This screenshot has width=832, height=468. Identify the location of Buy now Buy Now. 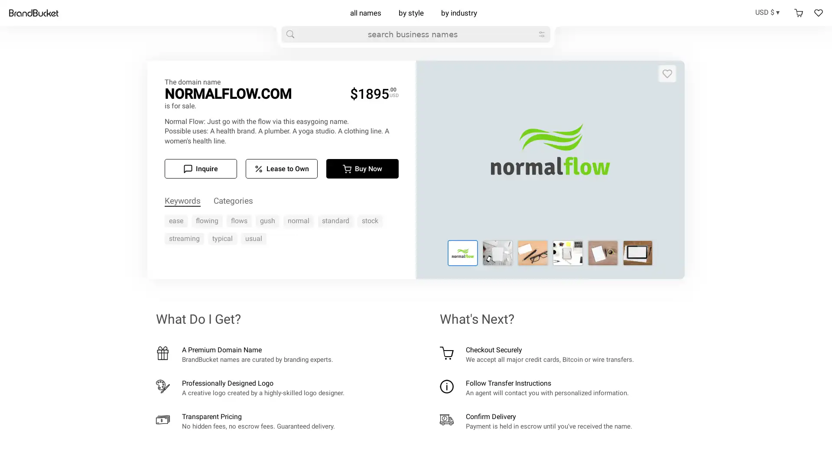
(362, 169).